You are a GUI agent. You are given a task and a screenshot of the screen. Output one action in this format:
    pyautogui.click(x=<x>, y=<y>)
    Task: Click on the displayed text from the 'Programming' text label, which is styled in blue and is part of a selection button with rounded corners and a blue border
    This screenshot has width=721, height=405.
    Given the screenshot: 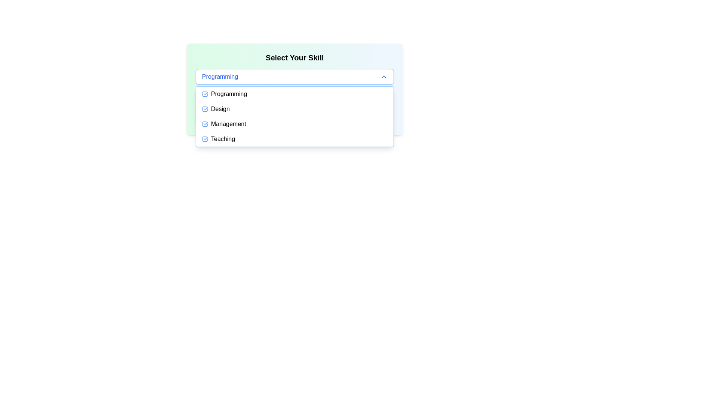 What is the action you would take?
    pyautogui.click(x=219, y=76)
    